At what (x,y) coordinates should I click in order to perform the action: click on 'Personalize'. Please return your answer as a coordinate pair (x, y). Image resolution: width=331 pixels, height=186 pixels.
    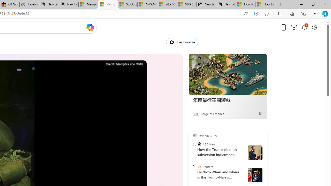
    Looking at the image, I should click on (182, 42).